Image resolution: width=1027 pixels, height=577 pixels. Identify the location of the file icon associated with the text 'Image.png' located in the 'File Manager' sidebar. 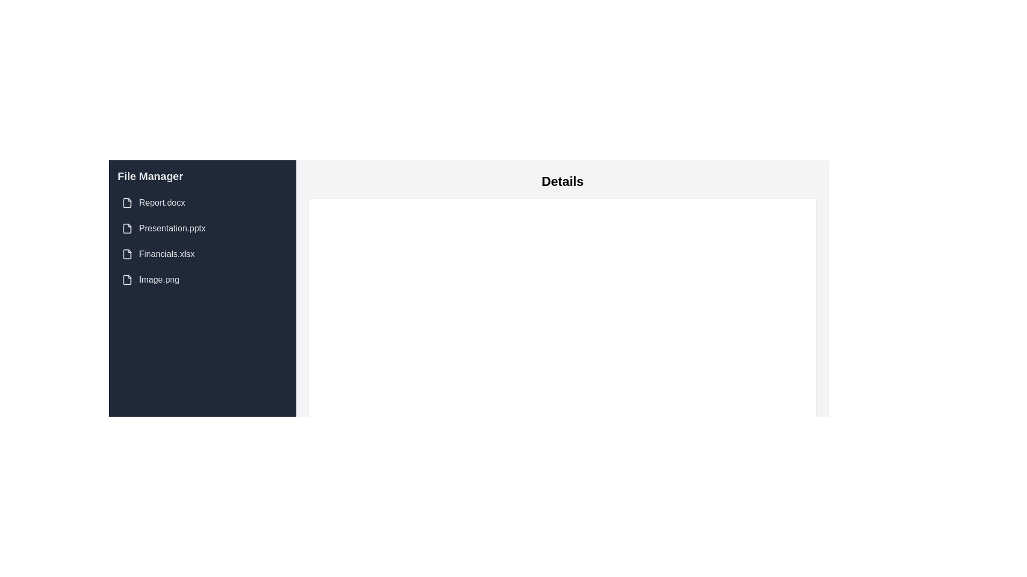
(127, 279).